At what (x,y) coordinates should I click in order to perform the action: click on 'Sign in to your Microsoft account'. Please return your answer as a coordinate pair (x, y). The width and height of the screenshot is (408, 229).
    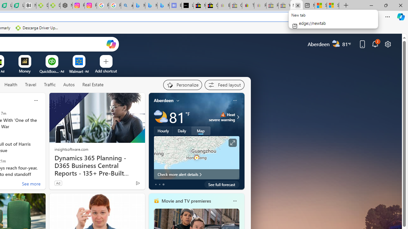
    Looking at the image, I should click on (333, 5).